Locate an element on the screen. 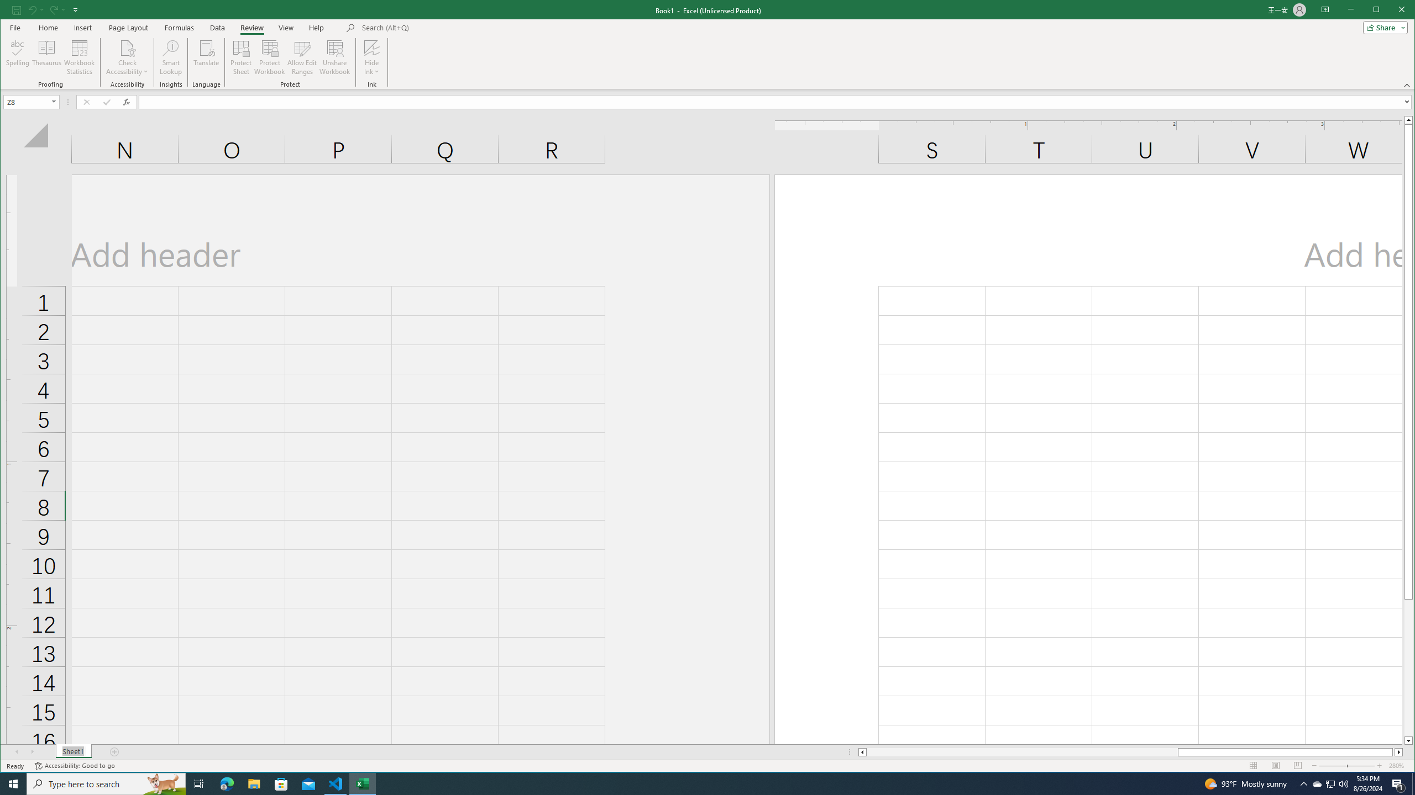 The width and height of the screenshot is (1415, 795). 'Maximize' is located at coordinates (1392, 10).